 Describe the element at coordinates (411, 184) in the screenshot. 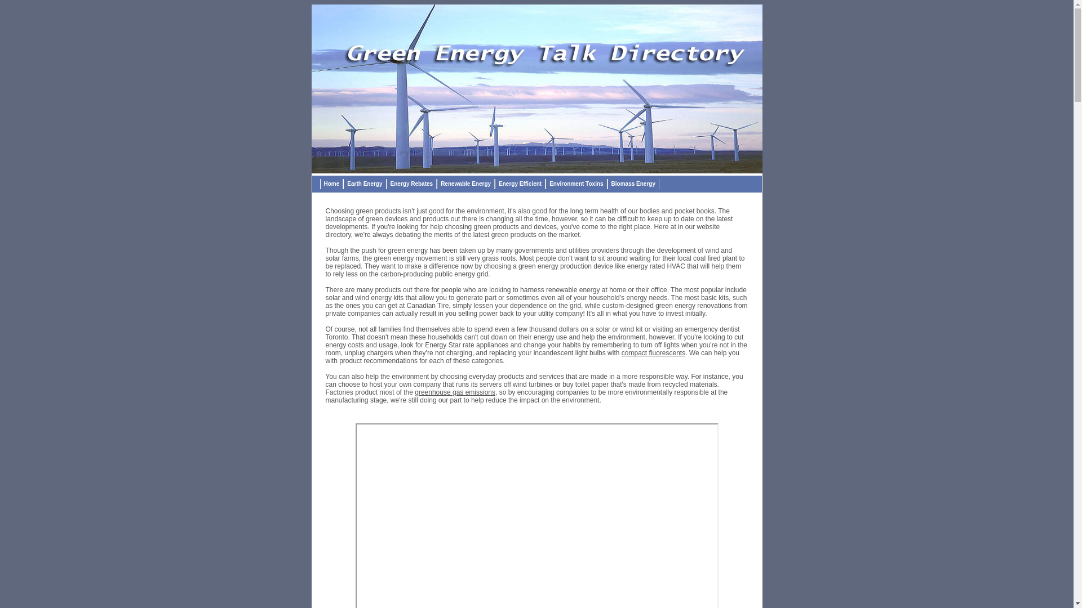

I see `'Energy Rebates'` at that location.